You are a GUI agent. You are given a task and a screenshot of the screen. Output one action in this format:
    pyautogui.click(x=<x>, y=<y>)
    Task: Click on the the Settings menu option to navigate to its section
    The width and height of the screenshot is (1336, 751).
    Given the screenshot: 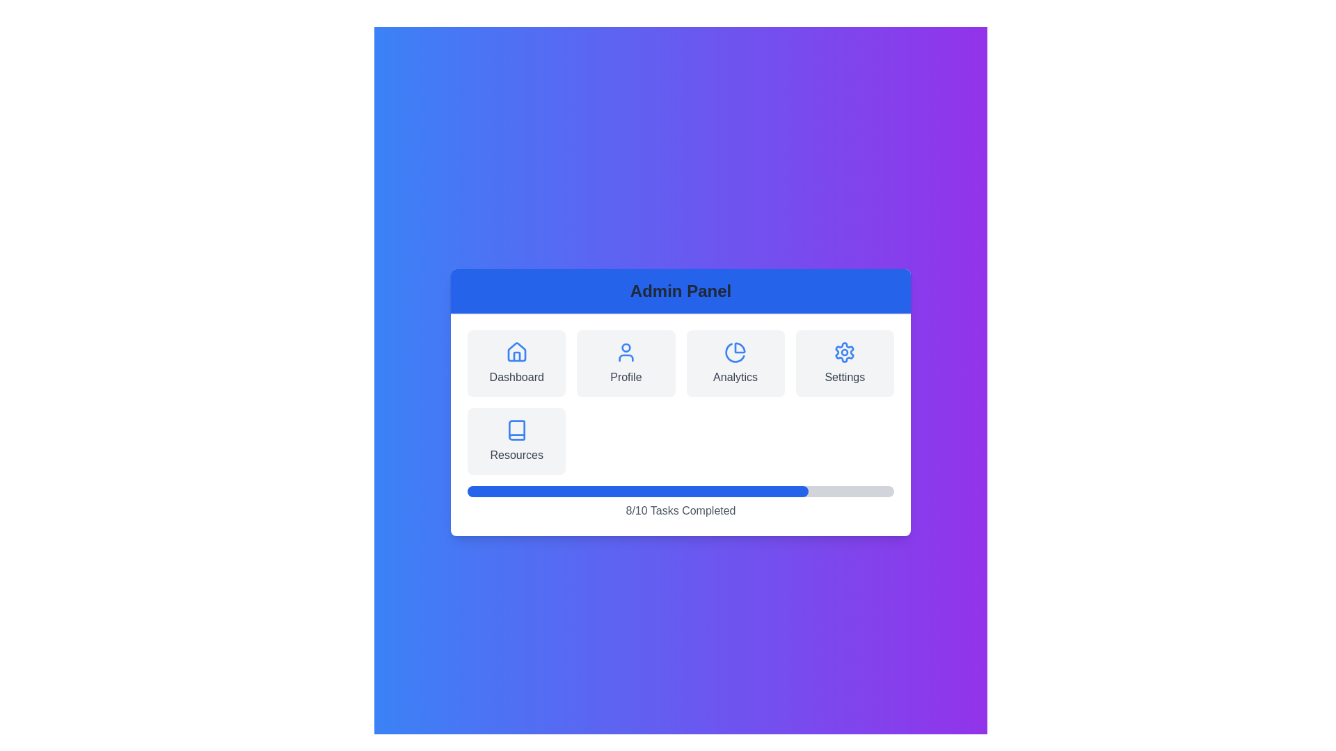 What is the action you would take?
    pyautogui.click(x=844, y=363)
    